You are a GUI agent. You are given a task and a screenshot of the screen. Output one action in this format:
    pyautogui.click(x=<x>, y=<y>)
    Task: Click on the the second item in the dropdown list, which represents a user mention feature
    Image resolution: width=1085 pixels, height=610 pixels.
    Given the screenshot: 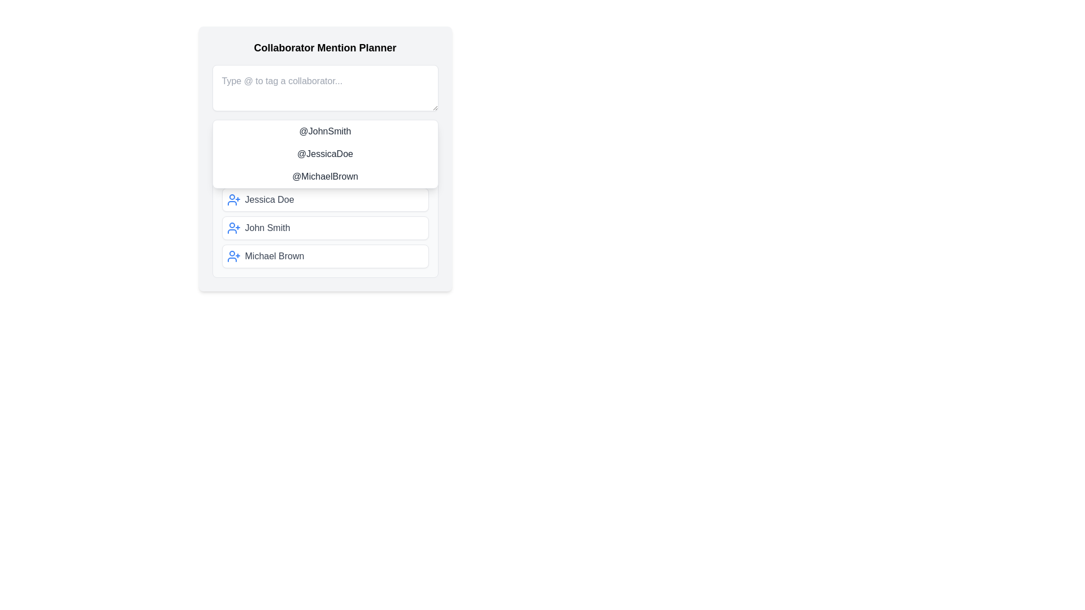 What is the action you would take?
    pyautogui.click(x=324, y=154)
    